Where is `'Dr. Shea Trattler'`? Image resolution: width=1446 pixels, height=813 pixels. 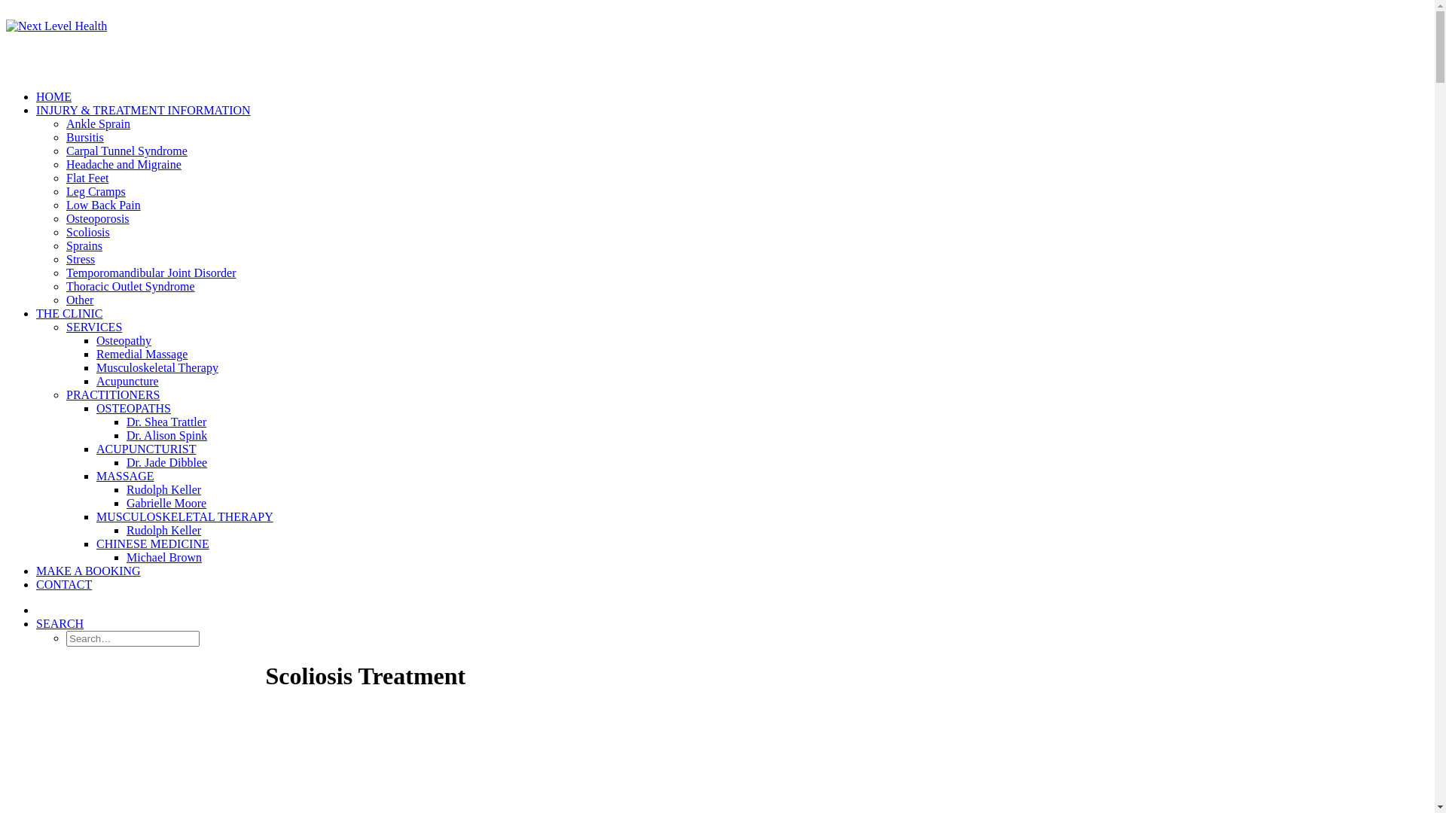
'Dr. Shea Trattler' is located at coordinates (166, 422).